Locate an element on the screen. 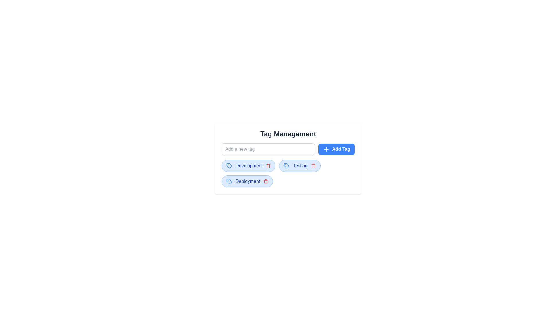 Image resolution: width=551 pixels, height=310 pixels. the 'Add Tag' button to add the tag is located at coordinates (336, 149).